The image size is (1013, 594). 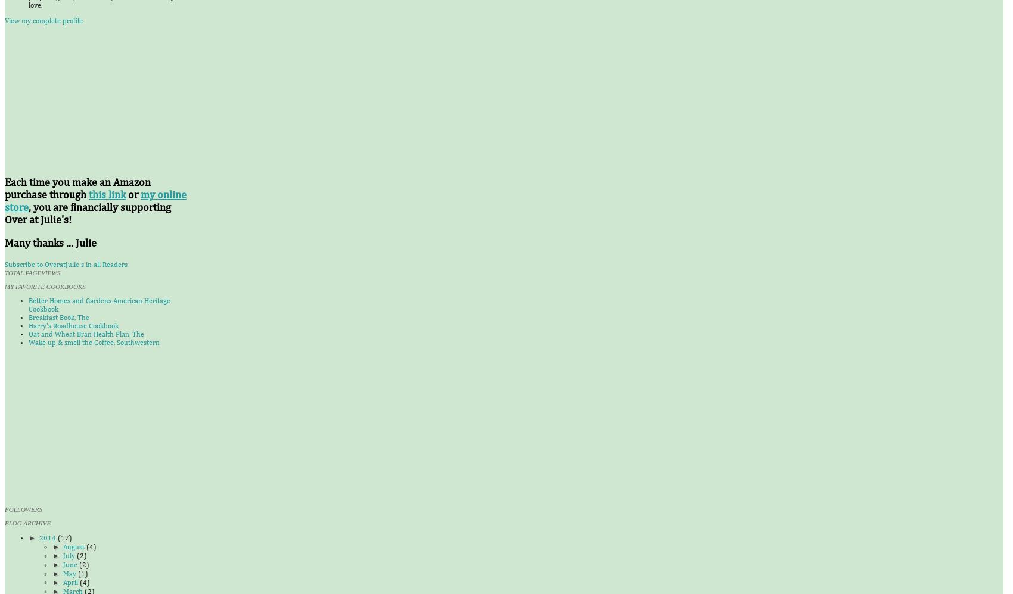 What do you see at coordinates (98, 304) in the screenshot?
I see `'Better Homes and Gardens American Heritage Cookbook'` at bounding box center [98, 304].